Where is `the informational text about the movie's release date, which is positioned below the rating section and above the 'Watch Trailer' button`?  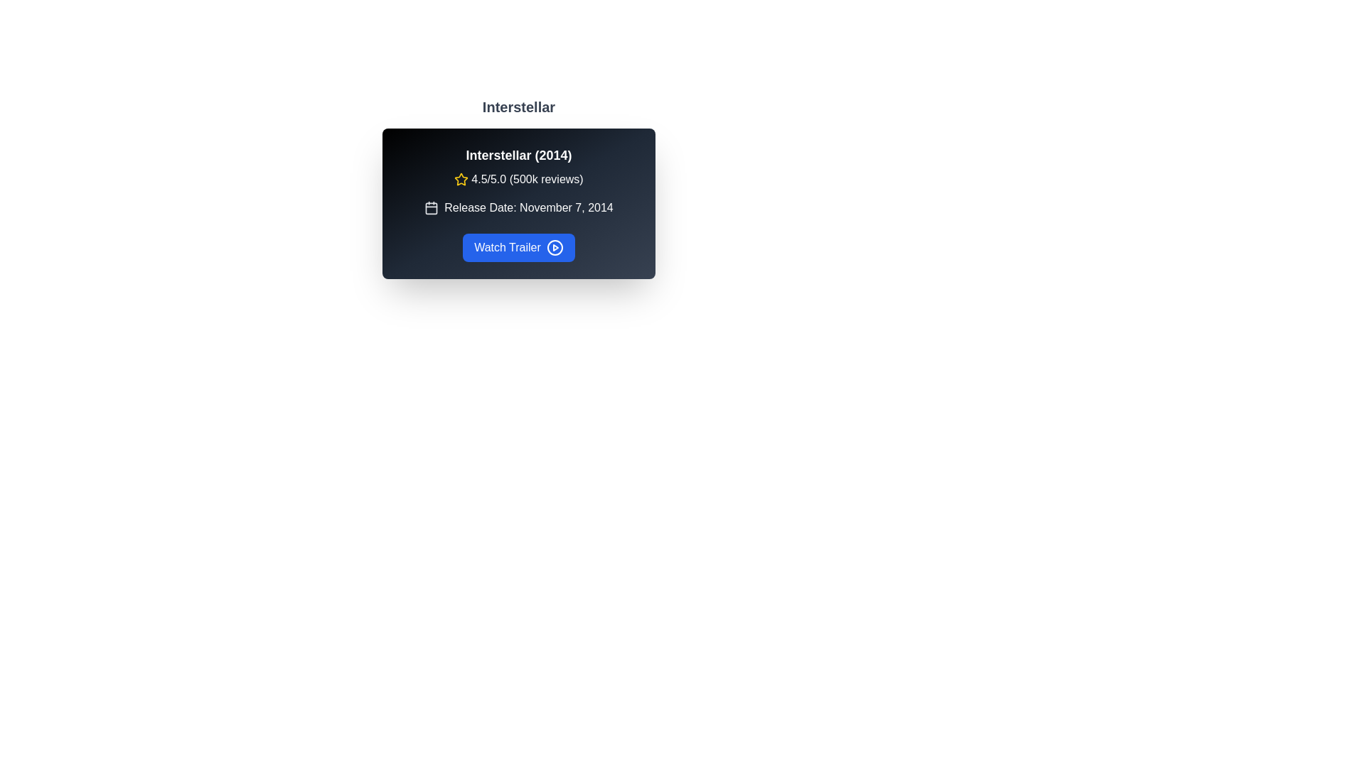
the informational text about the movie's release date, which is positioned below the rating section and above the 'Watch Trailer' button is located at coordinates (518, 208).